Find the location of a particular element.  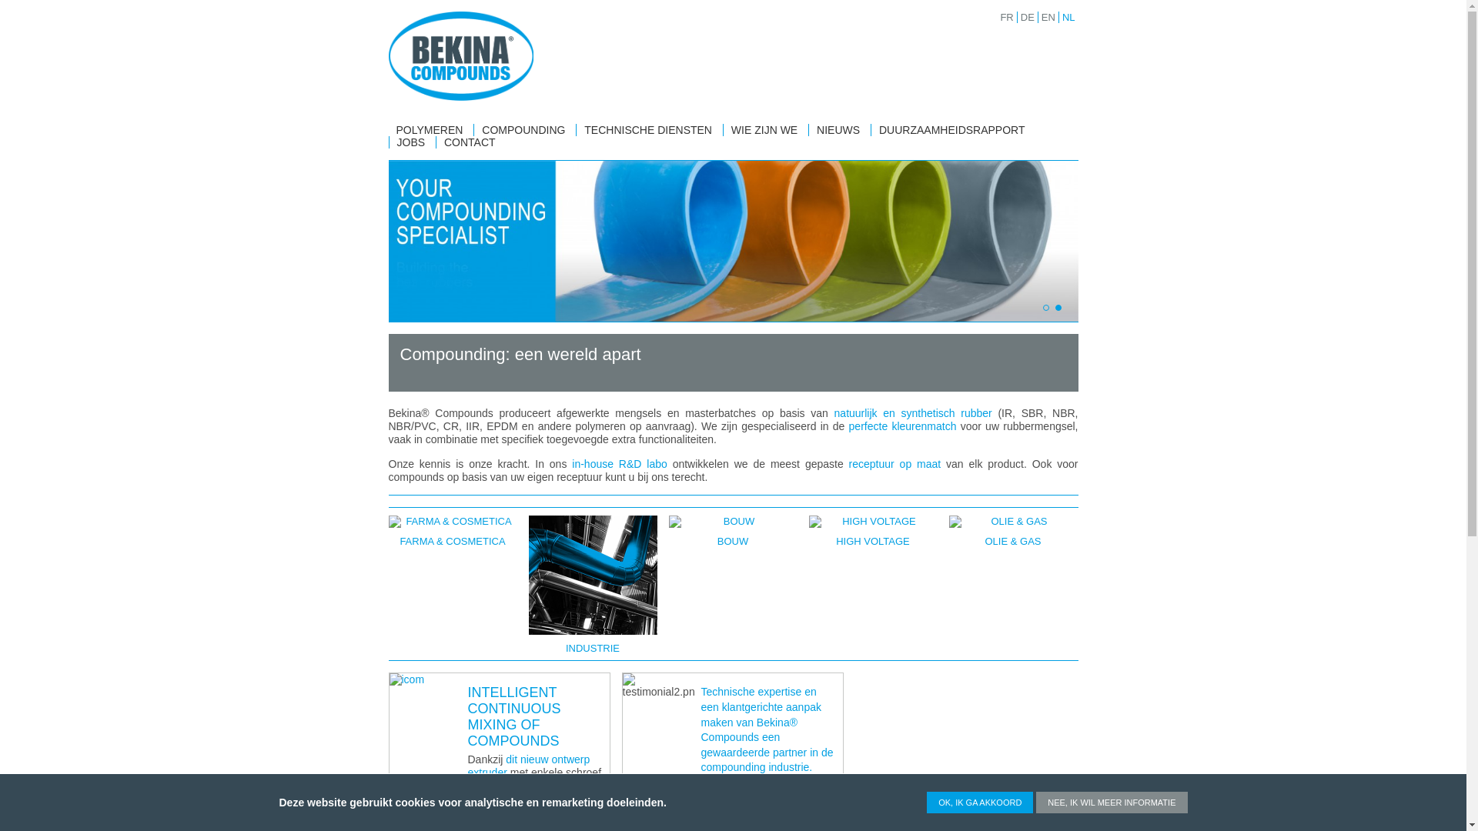

'COMPOUNDING' is located at coordinates (523, 129).